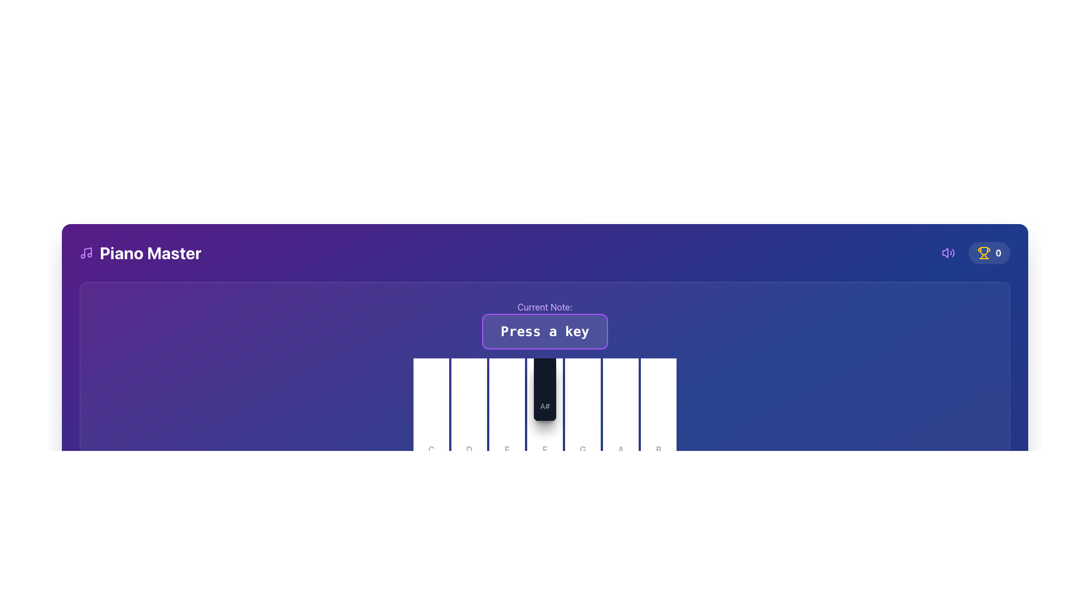  Describe the element at coordinates (545, 406) in the screenshot. I see `the third text label indicating the musical note of the piano key, which is part of a group of similar labels including 'C#', 'D#', 'F#', 'G#', and 'A#'` at that location.